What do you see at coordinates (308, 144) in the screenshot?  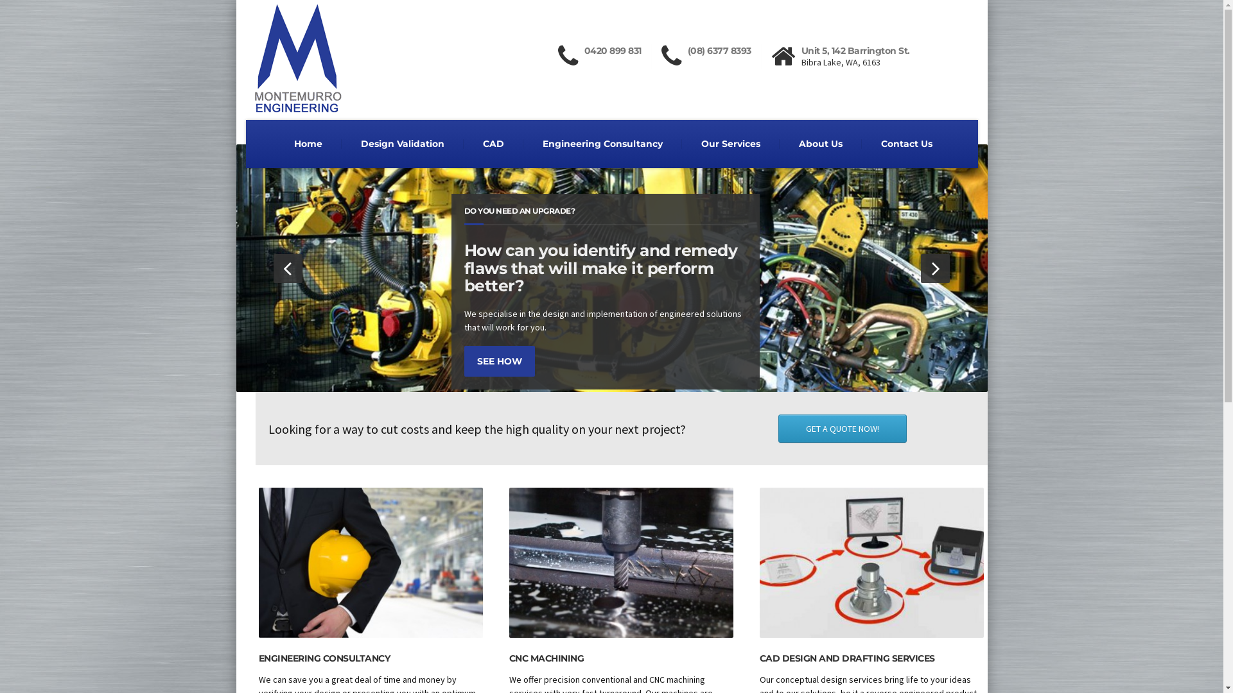 I see `'Home'` at bounding box center [308, 144].